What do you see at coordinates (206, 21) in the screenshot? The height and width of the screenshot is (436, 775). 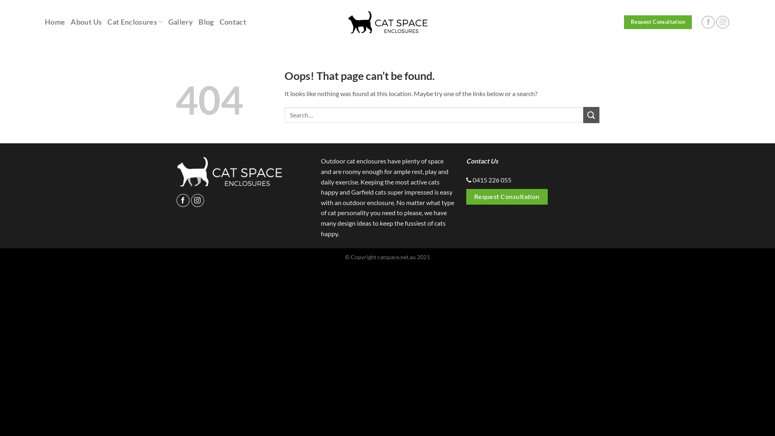 I see `'Blog'` at bounding box center [206, 21].